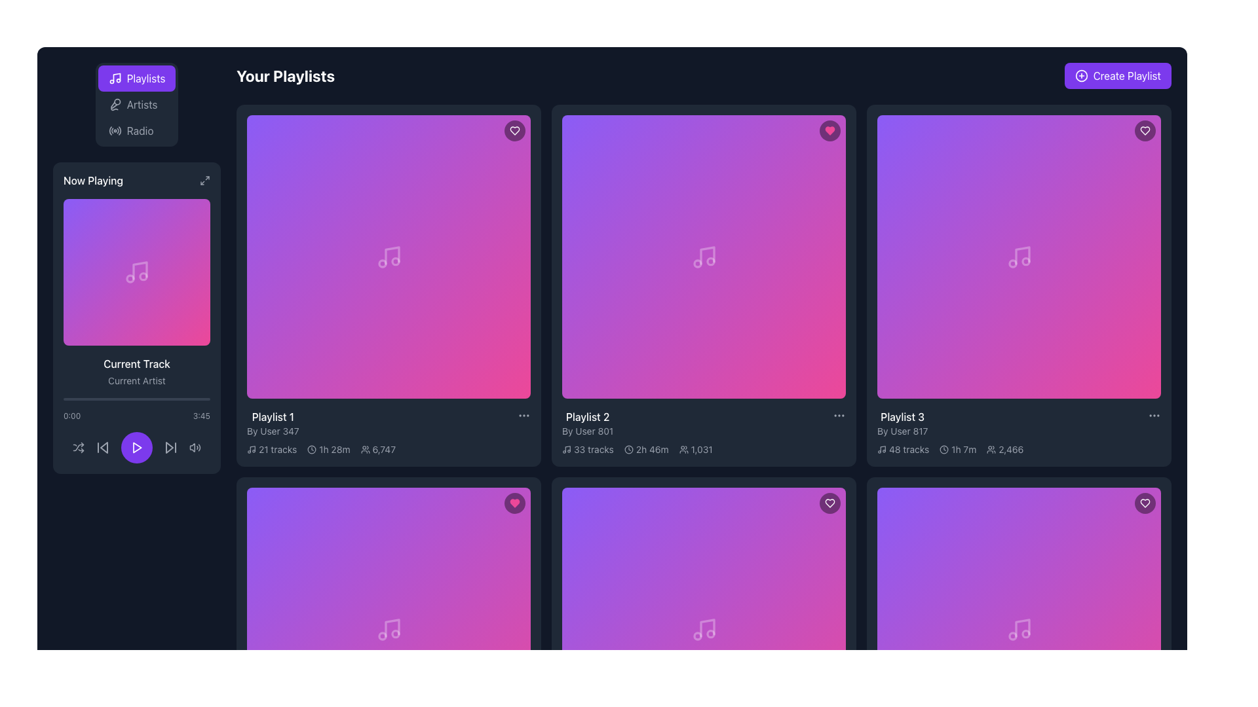 The width and height of the screenshot is (1258, 707). Describe the element at coordinates (252, 448) in the screenshot. I see `the music playlist icon located to the left of the '21 tracks' text in the first playlist card of the main content area` at that location.